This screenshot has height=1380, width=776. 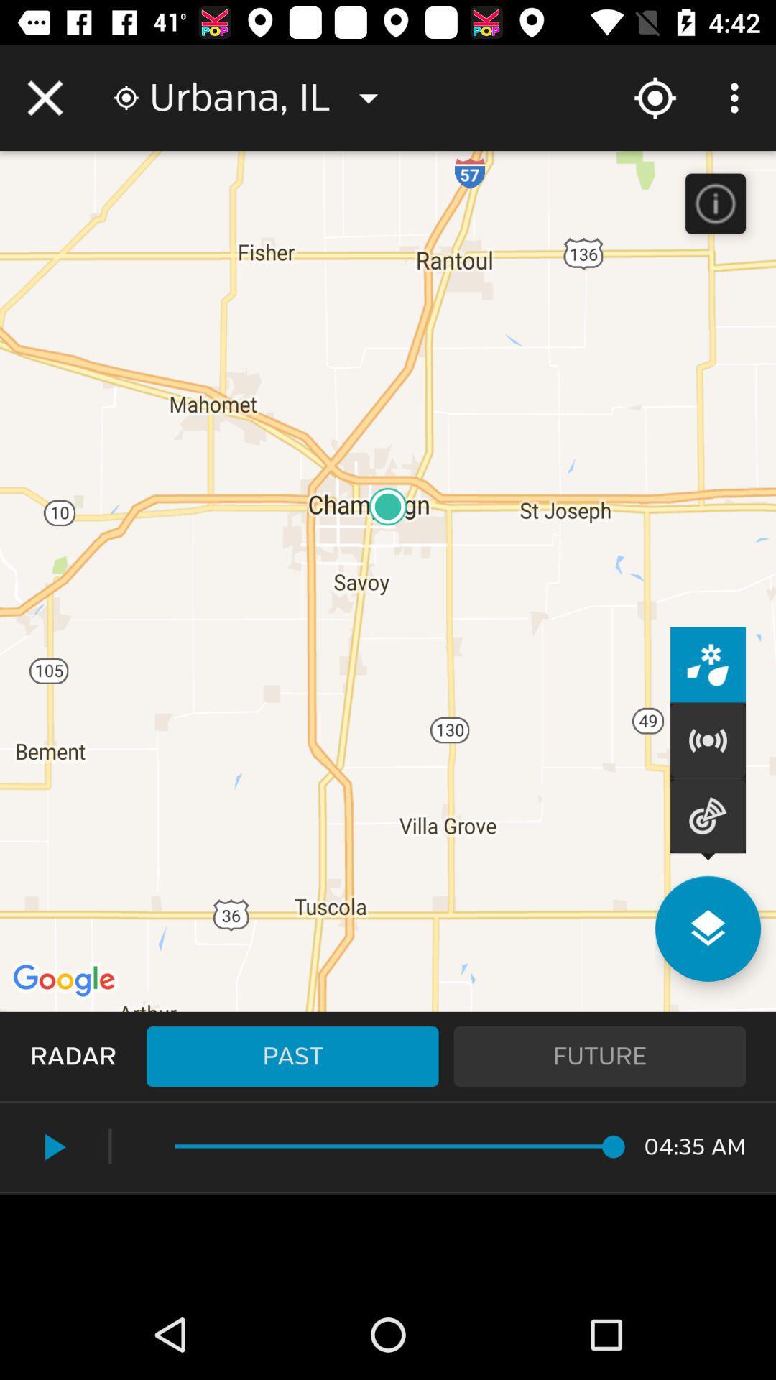 What do you see at coordinates (292, 1056) in the screenshot?
I see `the item below urbana, il item` at bounding box center [292, 1056].